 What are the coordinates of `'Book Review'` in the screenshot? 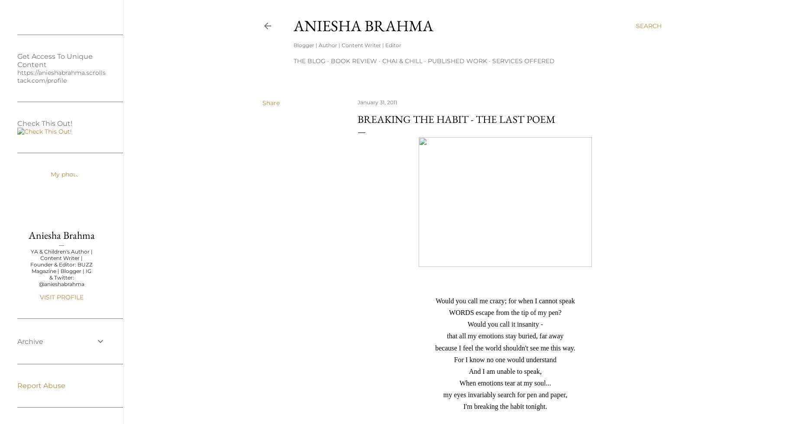 It's located at (354, 61).